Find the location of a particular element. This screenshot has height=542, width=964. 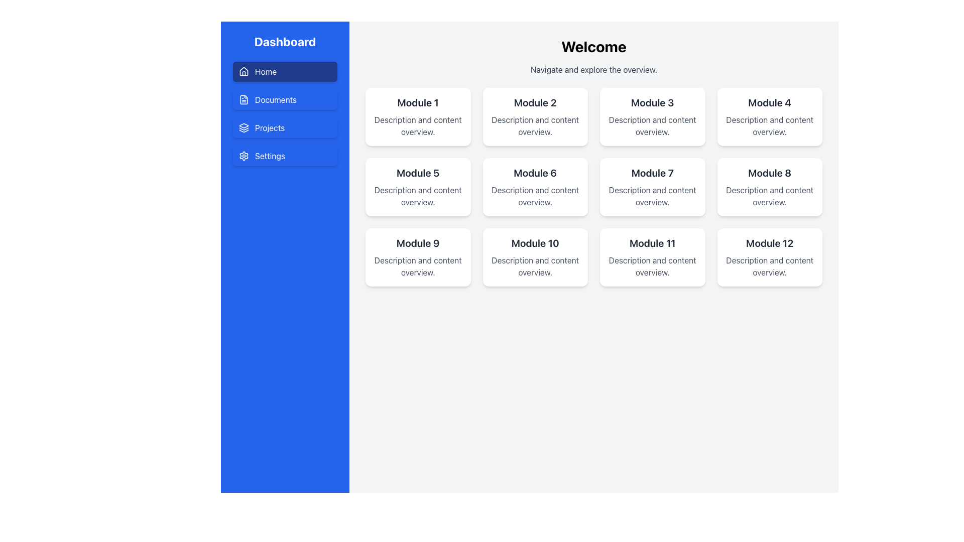

the house-shaped icon in the left sidebar located above the text 'Home'. This icon has rounded strokes and no fill color, making it distinct in the navigation area is located at coordinates (244, 71).